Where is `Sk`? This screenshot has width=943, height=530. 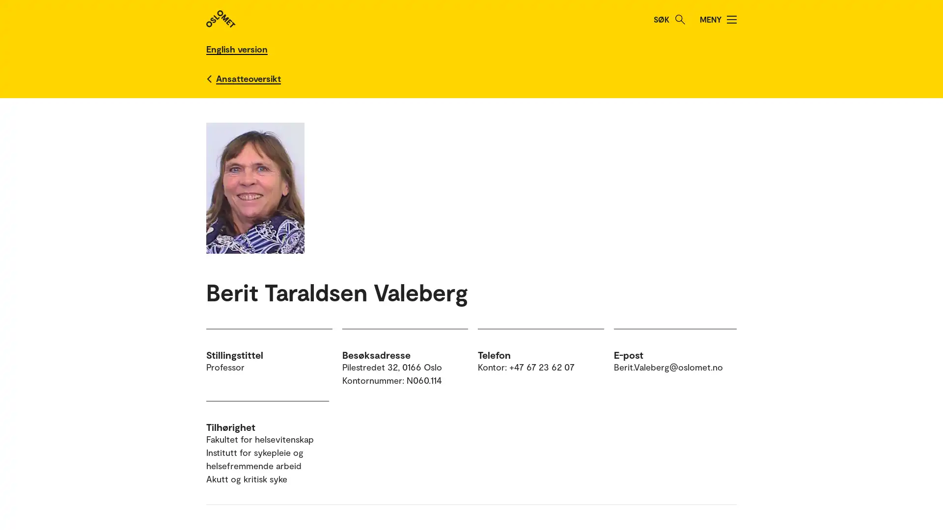 Sk is located at coordinates (680, 19).